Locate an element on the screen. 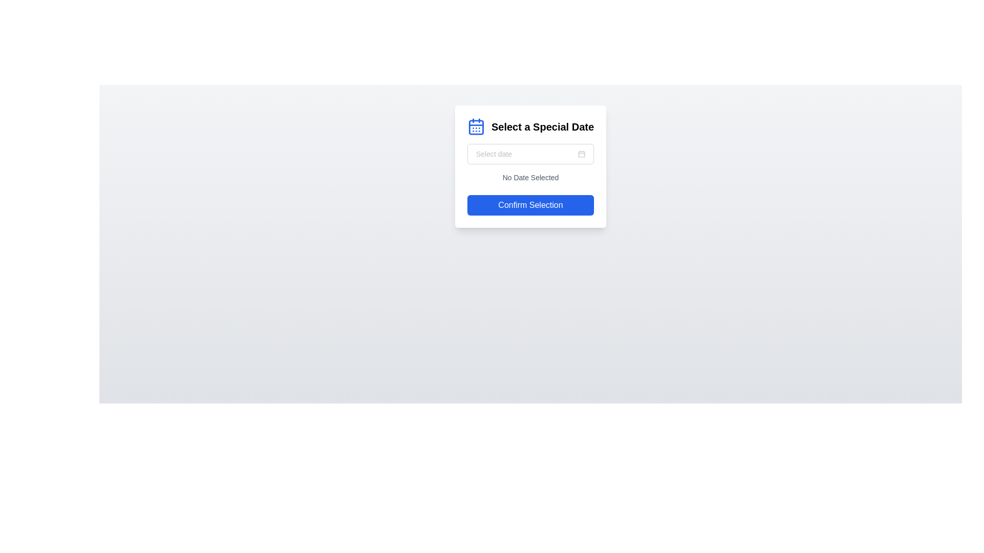  the heading text with a decorative icon that indicates the purpose of the card for selecting a special date, located at the top of the card UI is located at coordinates (530, 126).